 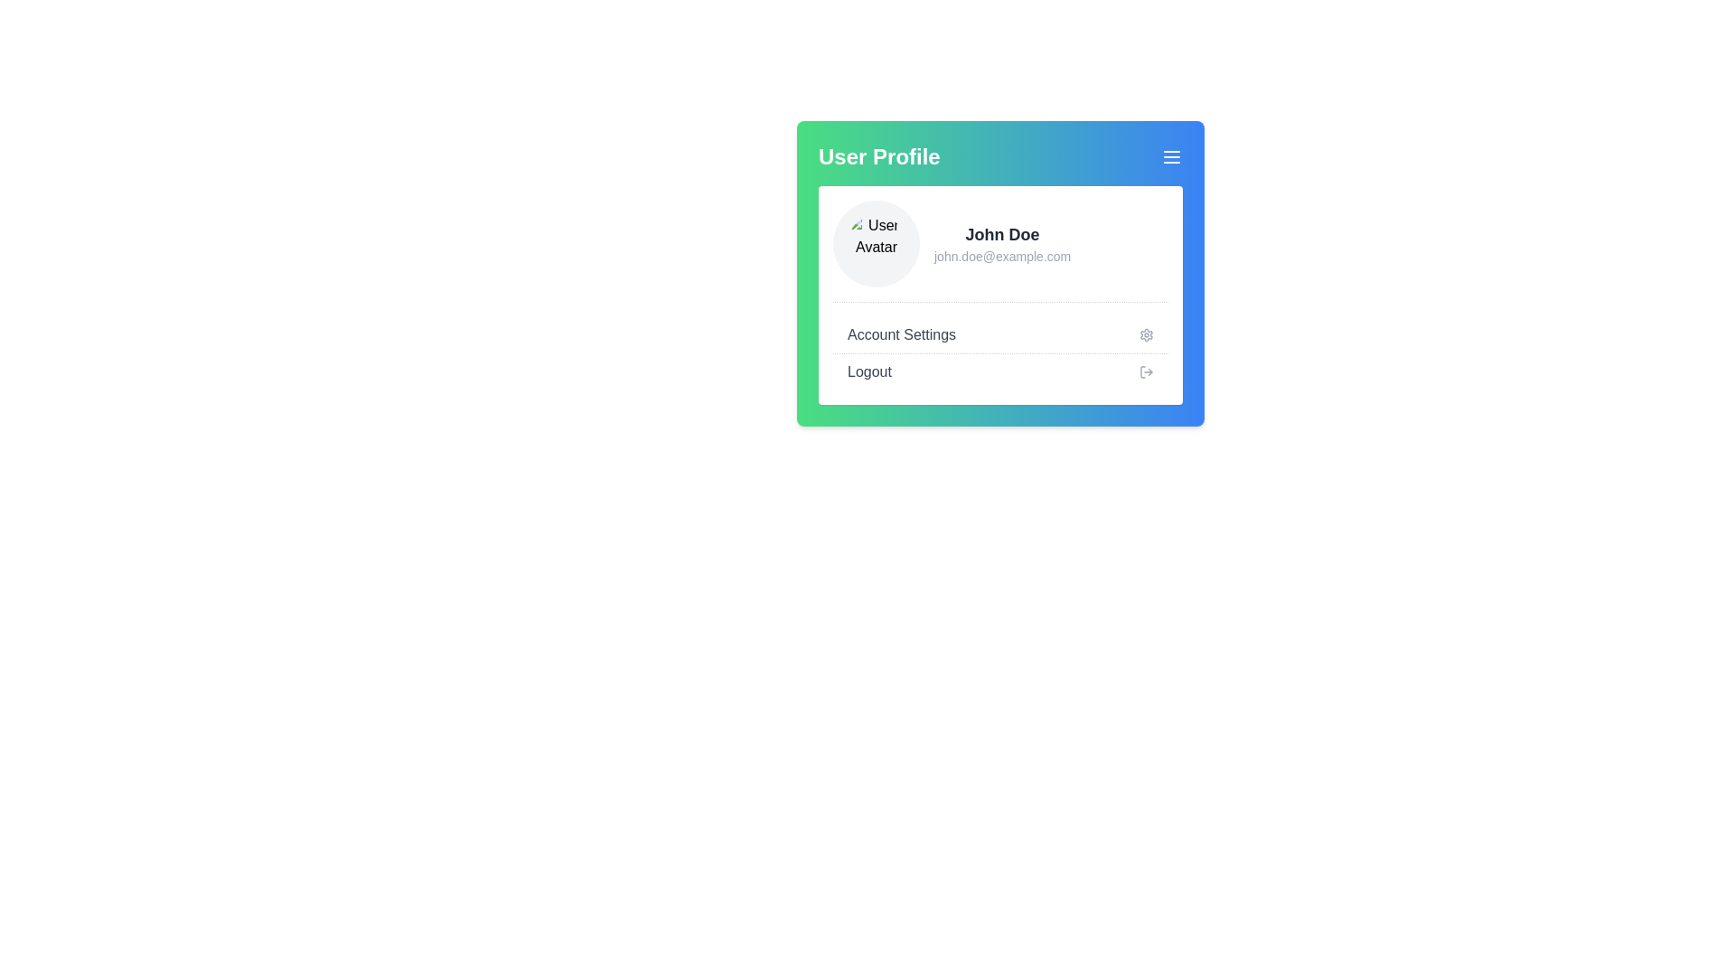 I want to click on the user name text displayed above the email 'john.doe@example.com' in the user profile card, located in the right section next to the avatar image, so click(x=1001, y=233).